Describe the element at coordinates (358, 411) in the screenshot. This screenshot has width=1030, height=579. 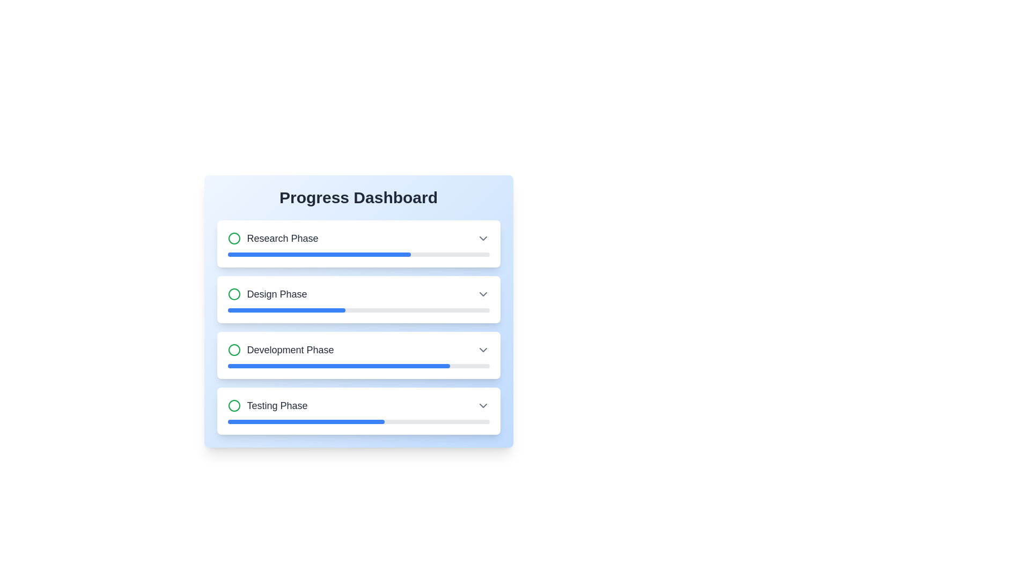
I see `the 'Testing Phase' card in the 'Progress Dashboard'` at that location.